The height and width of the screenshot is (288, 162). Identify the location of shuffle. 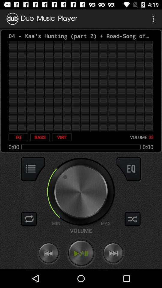
(133, 219).